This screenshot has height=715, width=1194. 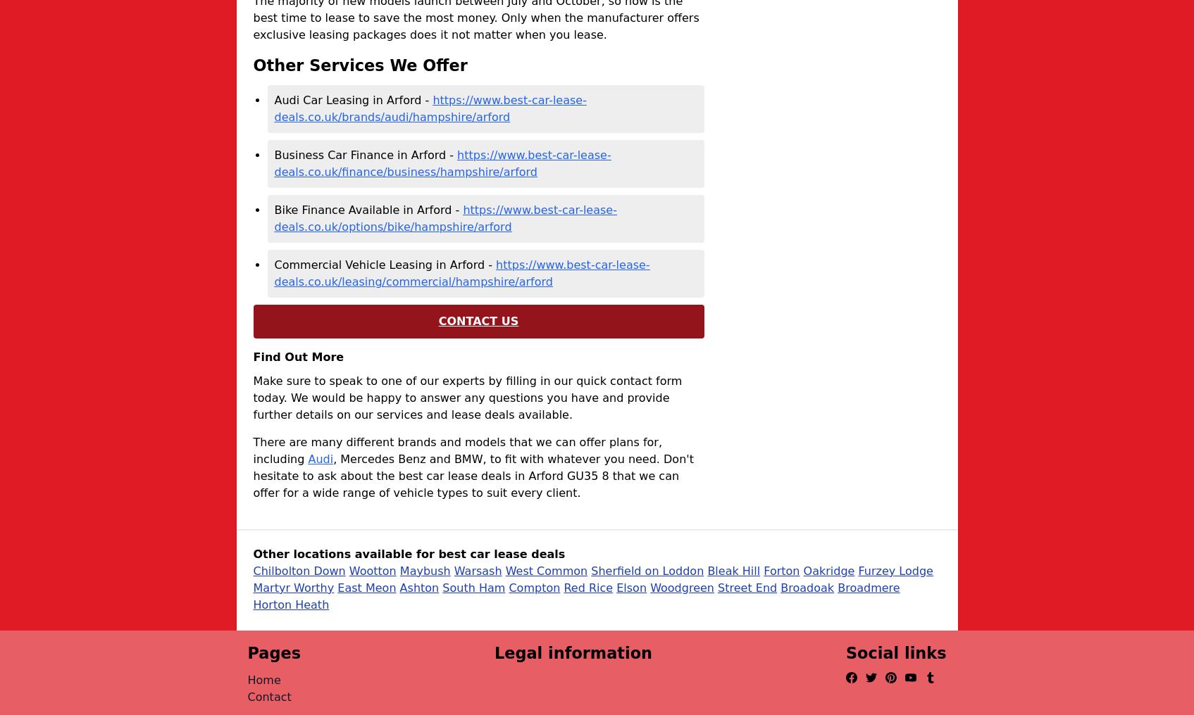 I want to click on 'Other Services We Offer', so click(x=359, y=65).